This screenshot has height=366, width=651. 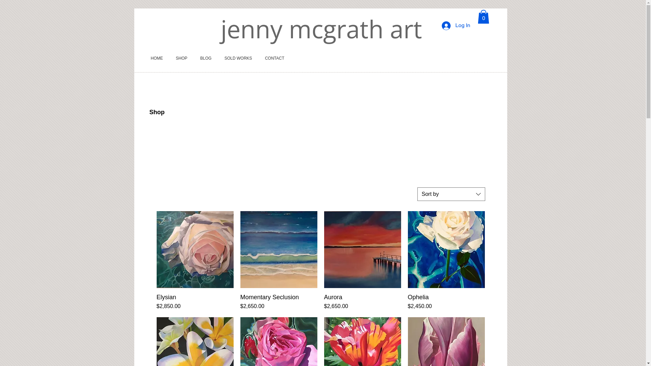 What do you see at coordinates (456, 25) in the screenshot?
I see `'Log In'` at bounding box center [456, 25].